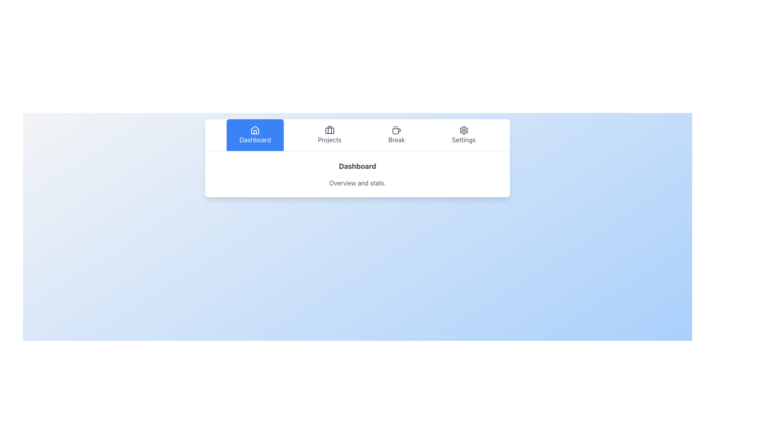  Describe the element at coordinates (464, 130) in the screenshot. I see `the gear-shaped icon representing settings, located to the left of the 'Settings' text in the navigation bar` at that location.